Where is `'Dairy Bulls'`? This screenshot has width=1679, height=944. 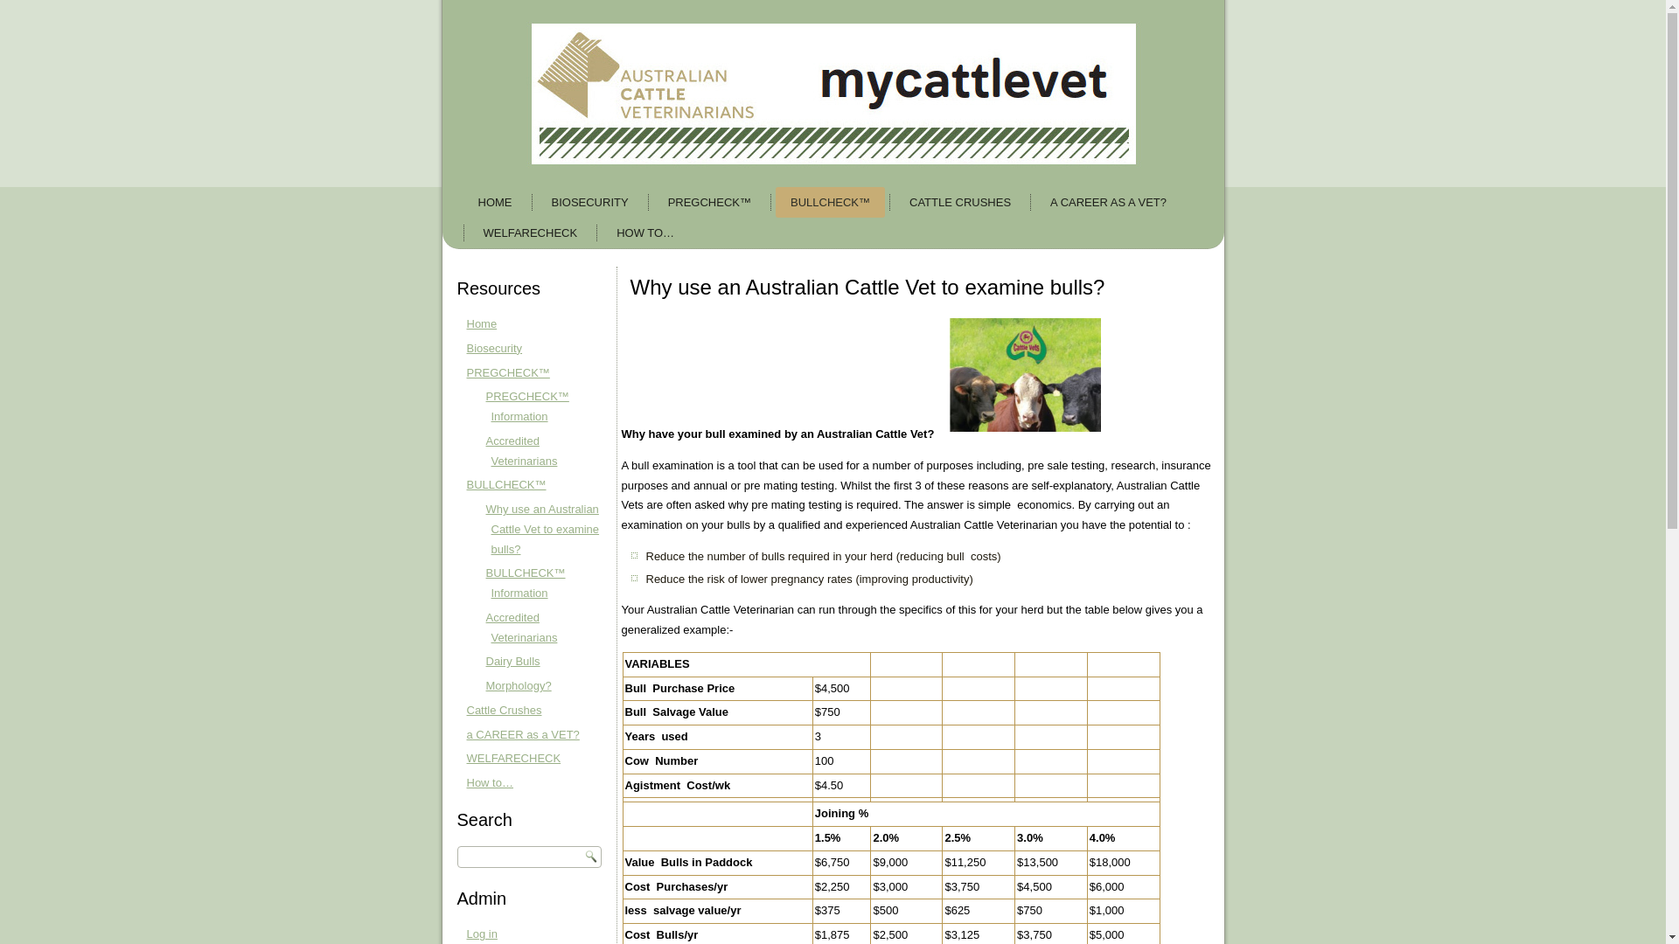 'Dairy Bulls' is located at coordinates (512, 661).